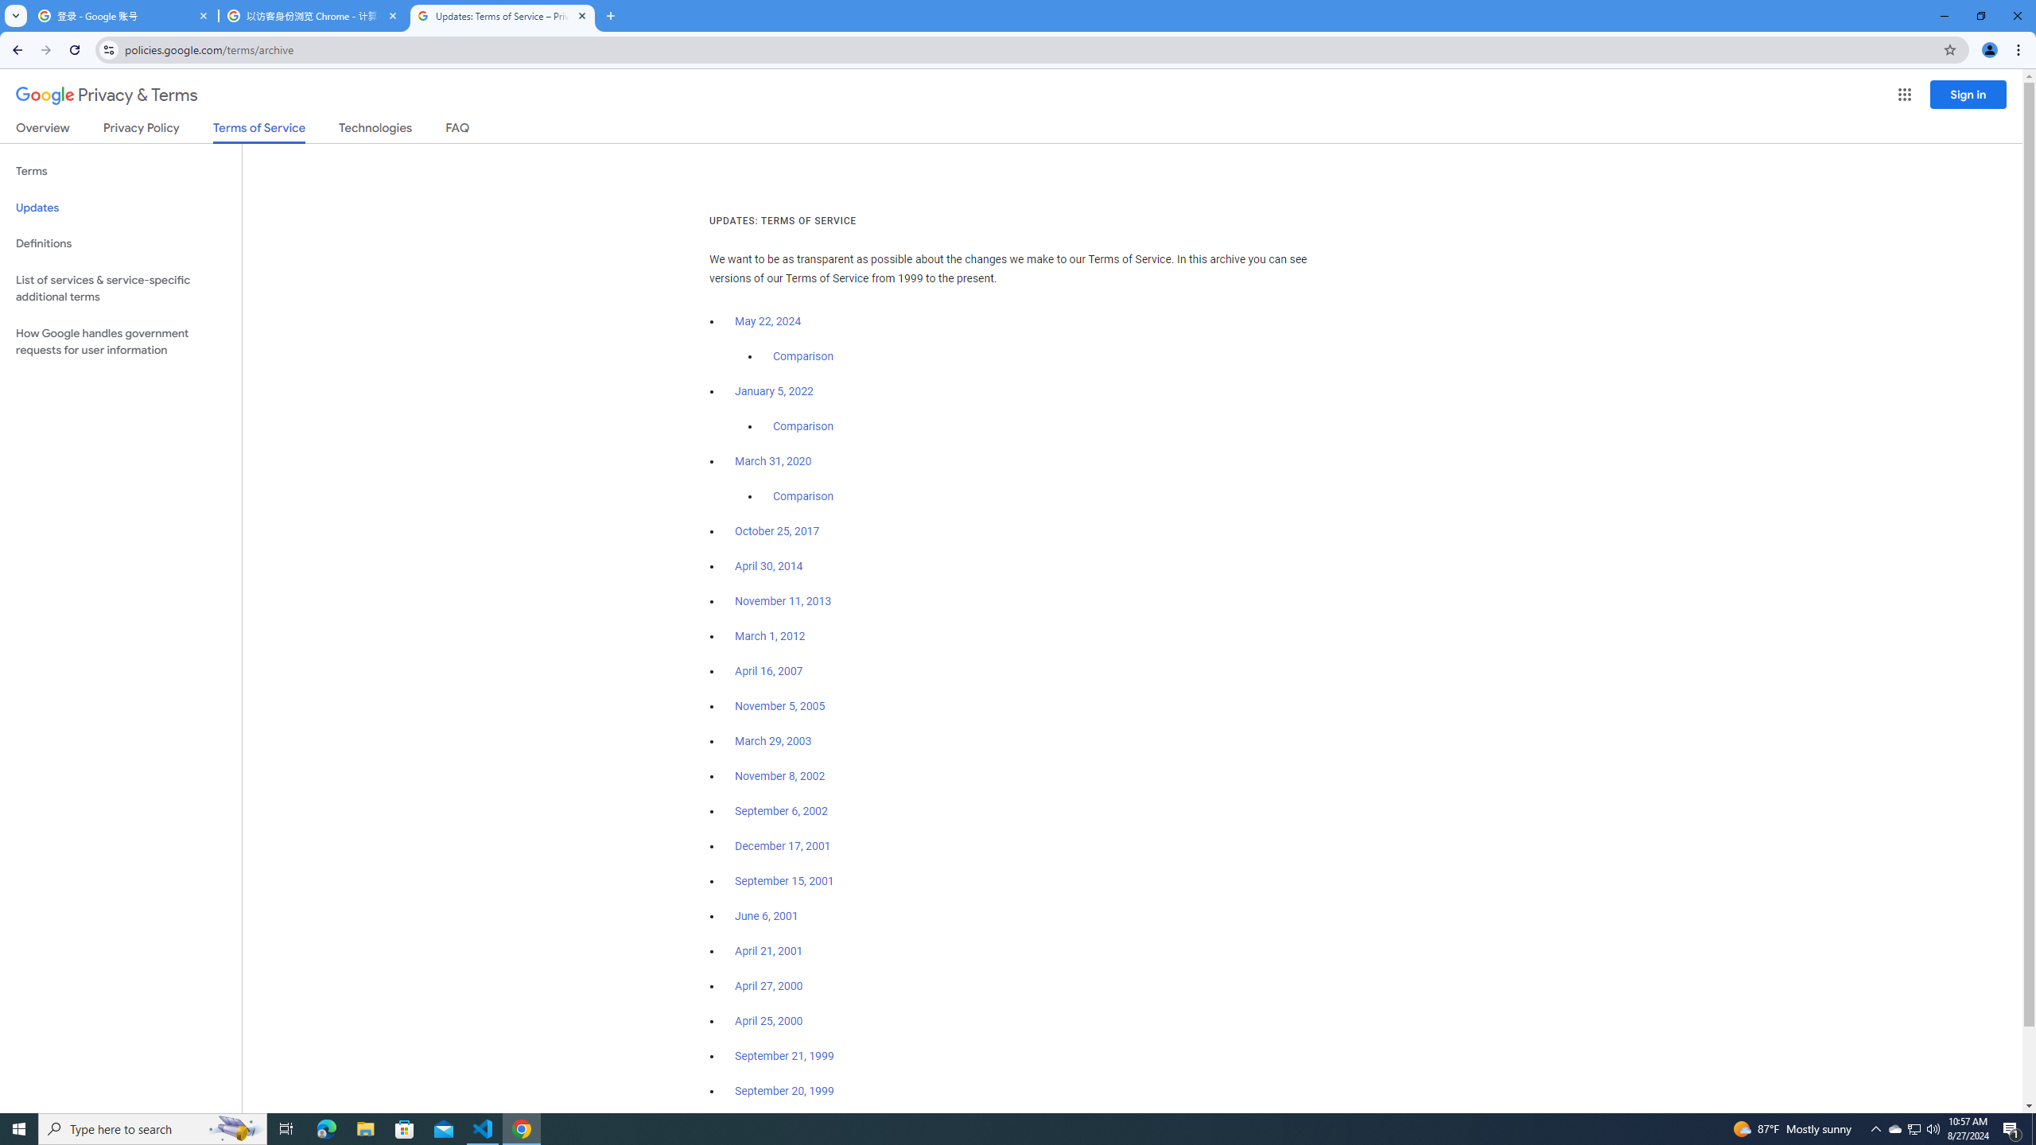 This screenshot has width=2036, height=1145. What do you see at coordinates (772, 741) in the screenshot?
I see `'March 29, 2003'` at bounding box center [772, 741].